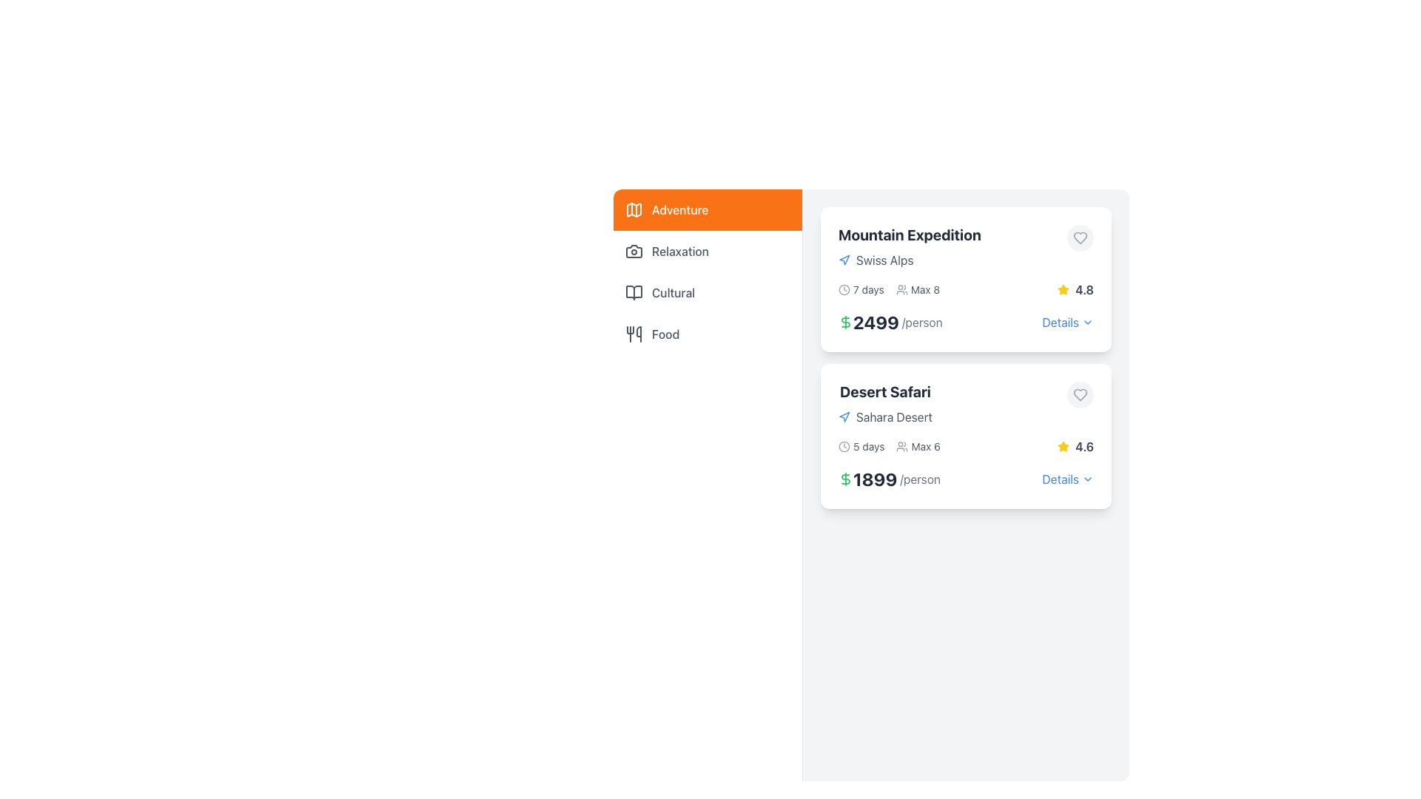 The image size is (1421, 799). What do you see at coordinates (707, 210) in the screenshot?
I see `the Interactive tab in the sidebar navigation menu` at bounding box center [707, 210].